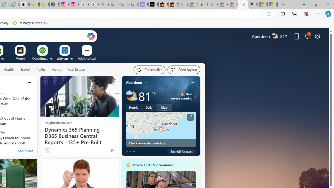 The width and height of the screenshot is (334, 188). I want to click on 'Microsoft Bing Travel - Shangri-La Hotel Bangkok', so click(134, 4).